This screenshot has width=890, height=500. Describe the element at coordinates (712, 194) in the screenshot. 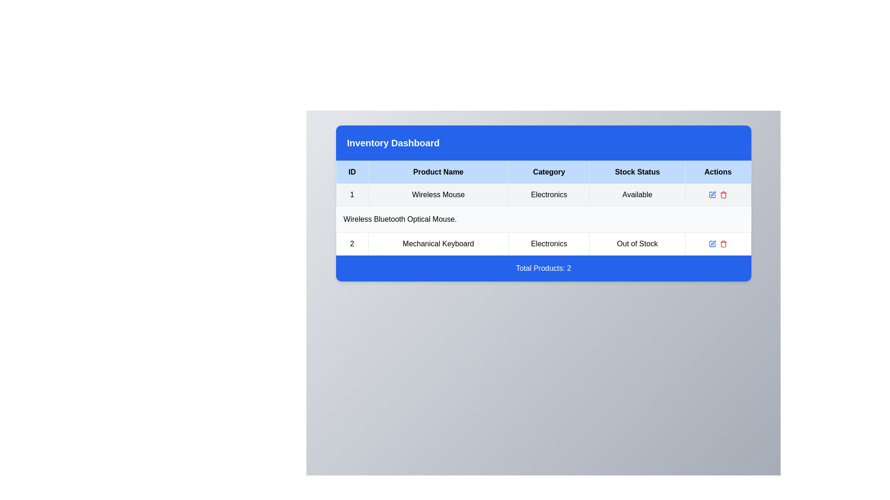

I see `the visual representation of the partial square outline element that is part of the pen-and-square icon located in the 'Actions' column for the second row of the inventory table` at that location.